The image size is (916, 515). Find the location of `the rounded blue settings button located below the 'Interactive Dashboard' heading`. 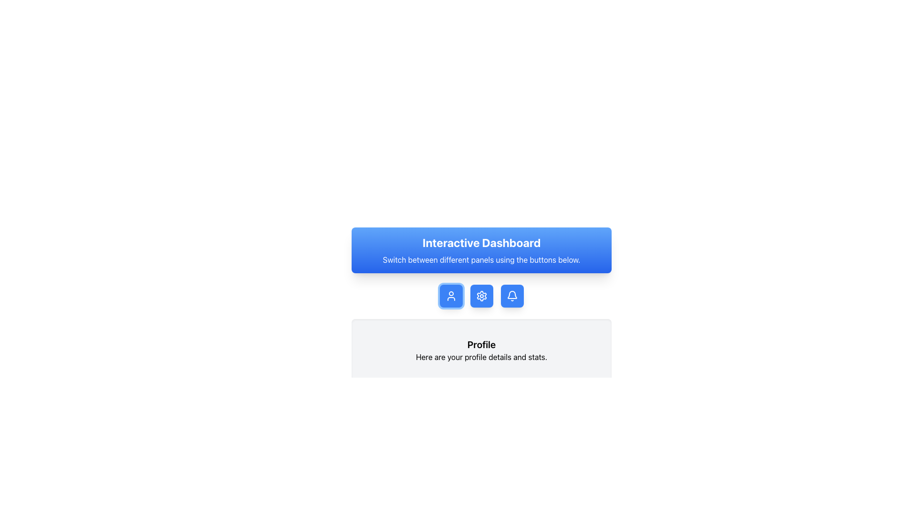

the rounded blue settings button located below the 'Interactive Dashboard' heading is located at coordinates (481, 296).